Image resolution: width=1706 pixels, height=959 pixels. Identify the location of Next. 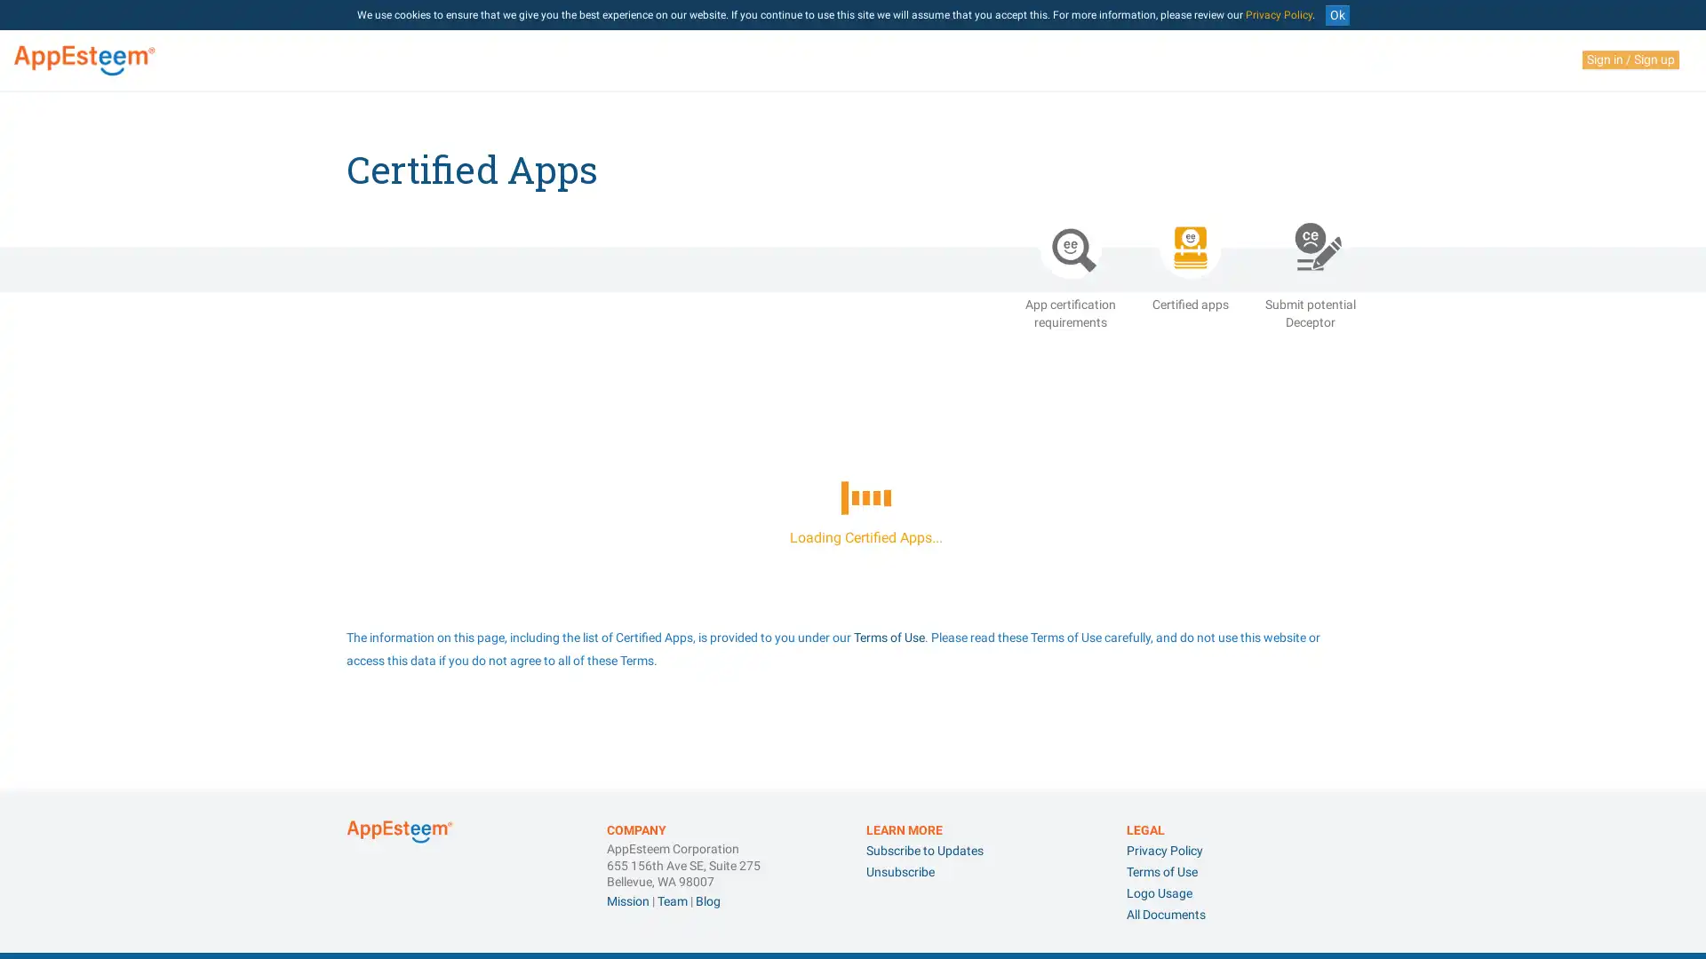
(1316, 655).